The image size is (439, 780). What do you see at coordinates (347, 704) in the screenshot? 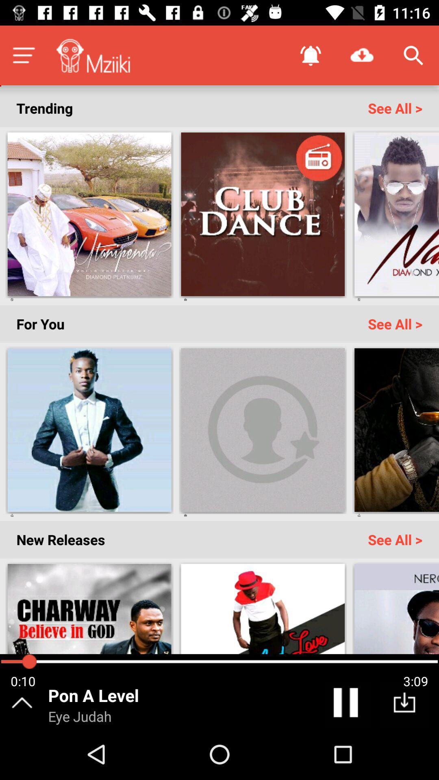
I see `the pause icon` at bounding box center [347, 704].